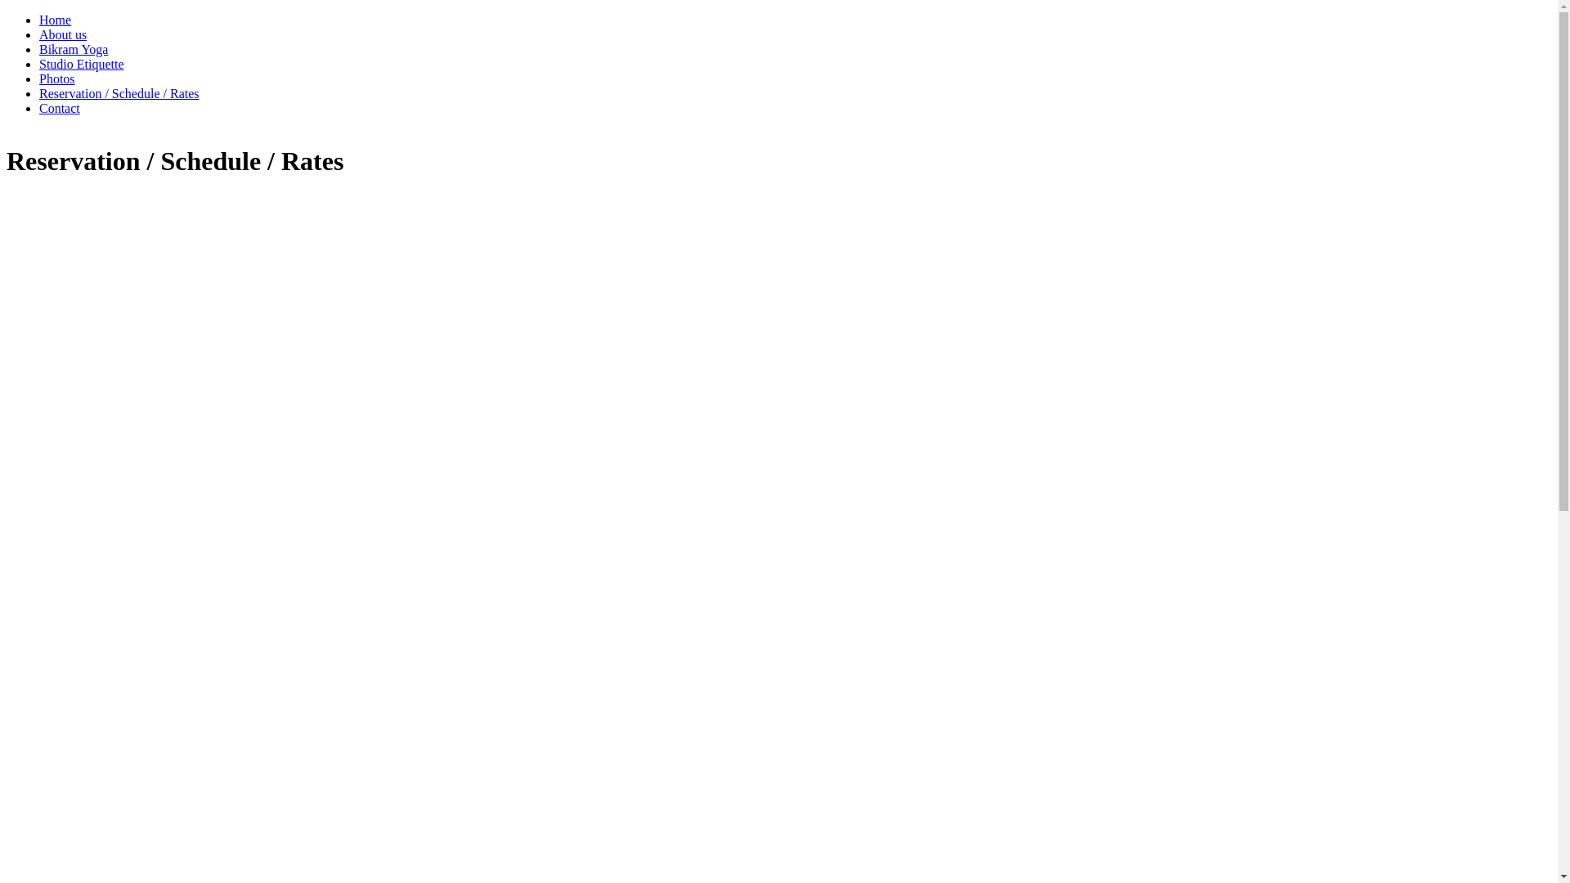 The width and height of the screenshot is (1570, 883). I want to click on 'Photos', so click(57, 78).